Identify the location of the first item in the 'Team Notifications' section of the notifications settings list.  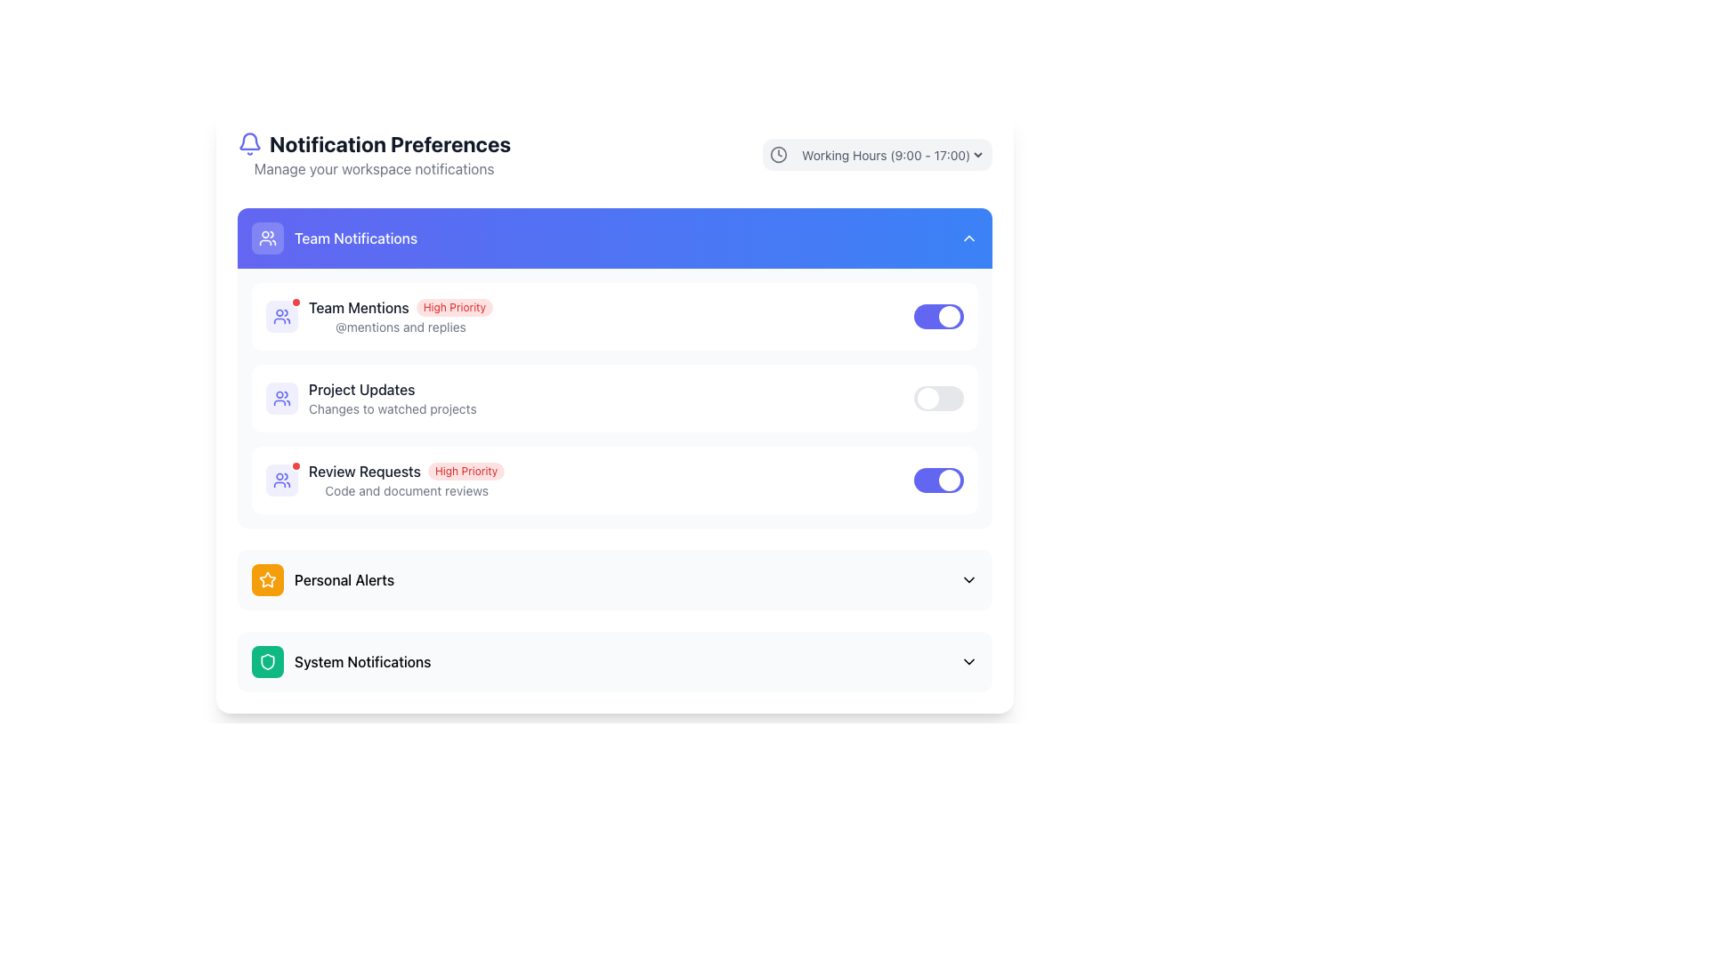
(400, 315).